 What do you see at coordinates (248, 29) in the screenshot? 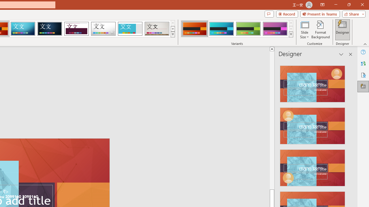
I see `'Berlin Variant 3'` at bounding box center [248, 29].